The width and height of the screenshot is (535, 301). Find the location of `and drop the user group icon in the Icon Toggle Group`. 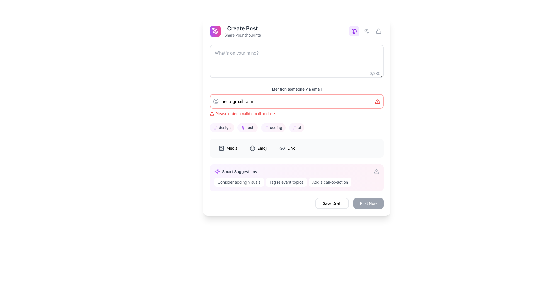

and drop the user group icon in the Icon Toggle Group is located at coordinates (366, 31).